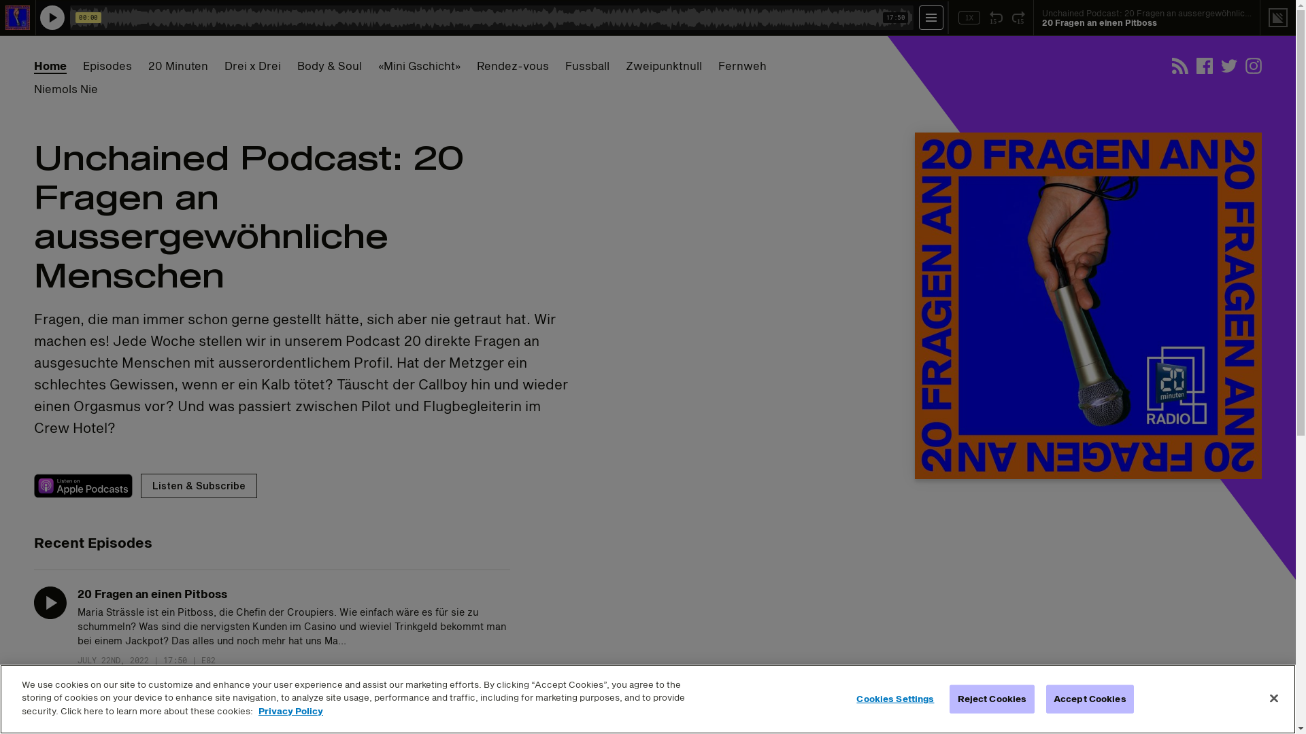 Image resolution: width=1306 pixels, height=734 pixels. I want to click on 'RSS', so click(1179, 65).